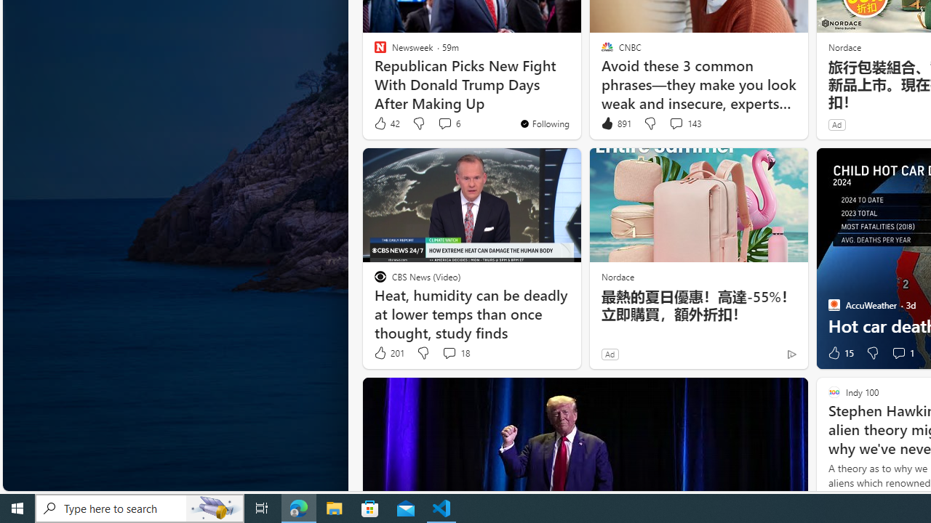 This screenshot has width=931, height=523. I want to click on 'View comments 143 Comment', so click(675, 122).